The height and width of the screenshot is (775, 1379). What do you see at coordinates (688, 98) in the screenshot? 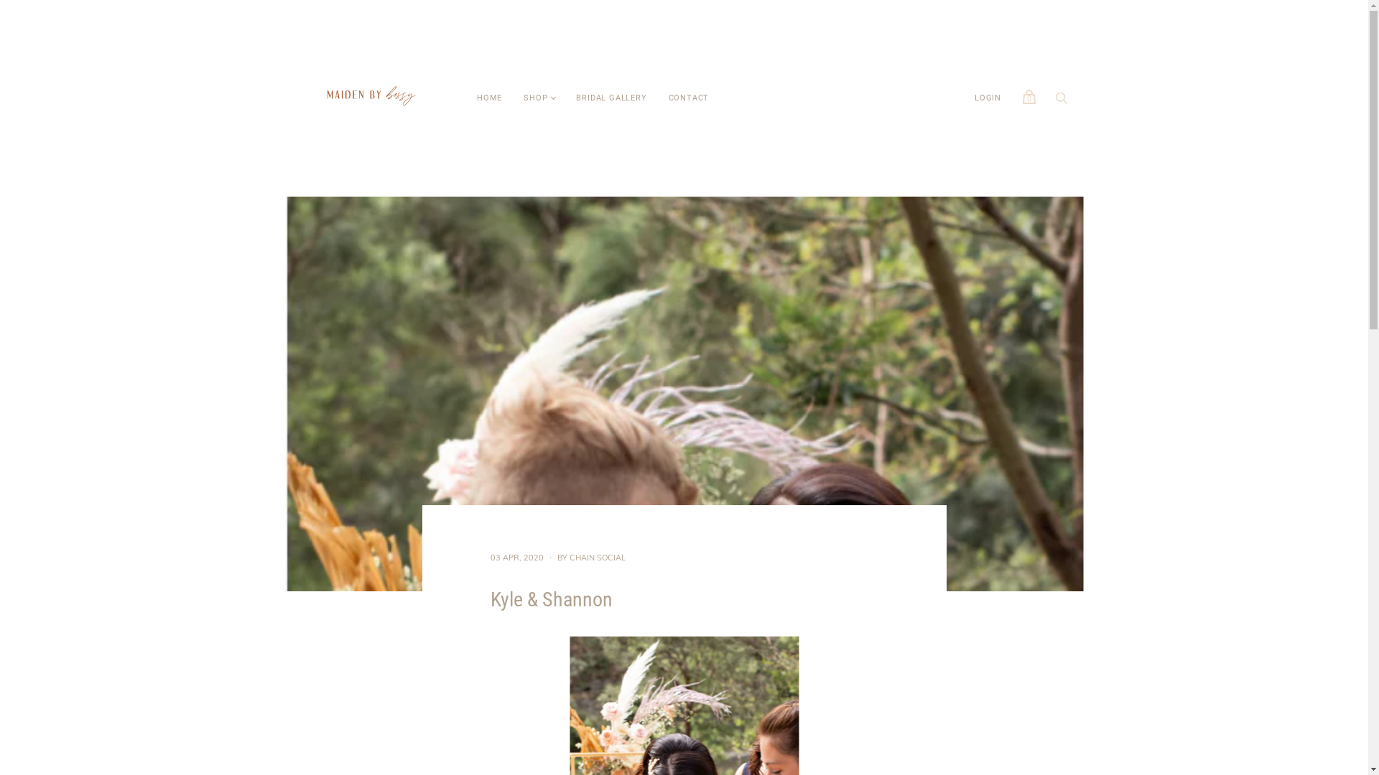
I see `'CONTACT'` at bounding box center [688, 98].